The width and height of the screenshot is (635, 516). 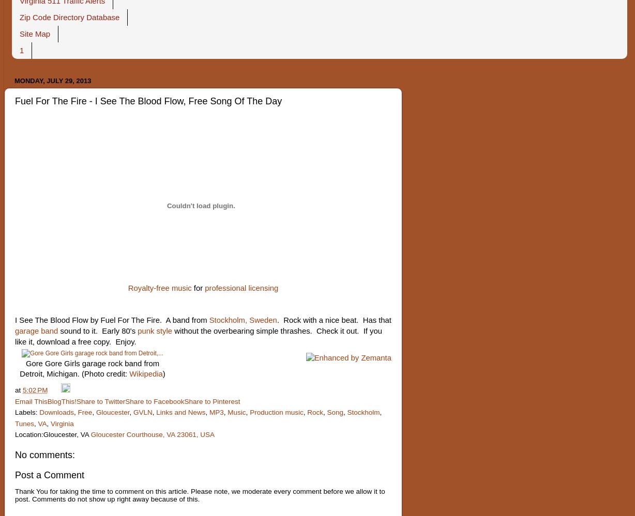 I want to click on 'for', so click(x=198, y=288).